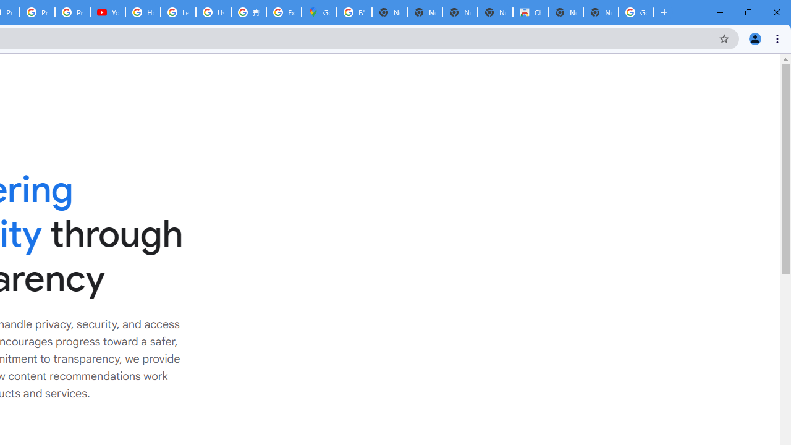 Image resolution: width=791 pixels, height=445 pixels. I want to click on 'YouTube', so click(108, 12).